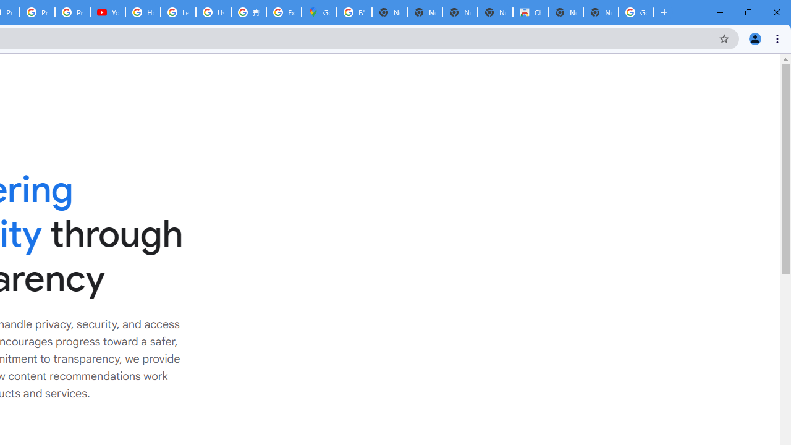 Image resolution: width=791 pixels, height=445 pixels. I want to click on 'YouTube', so click(108, 12).